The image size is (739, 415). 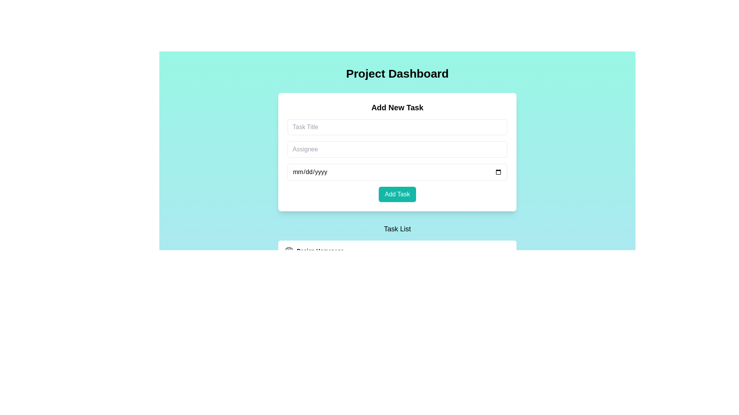 I want to click on the 'Mark as Completed' button located at the bottom-right corner of the task card for the task 'Design Homepage', so click(x=480, y=260).